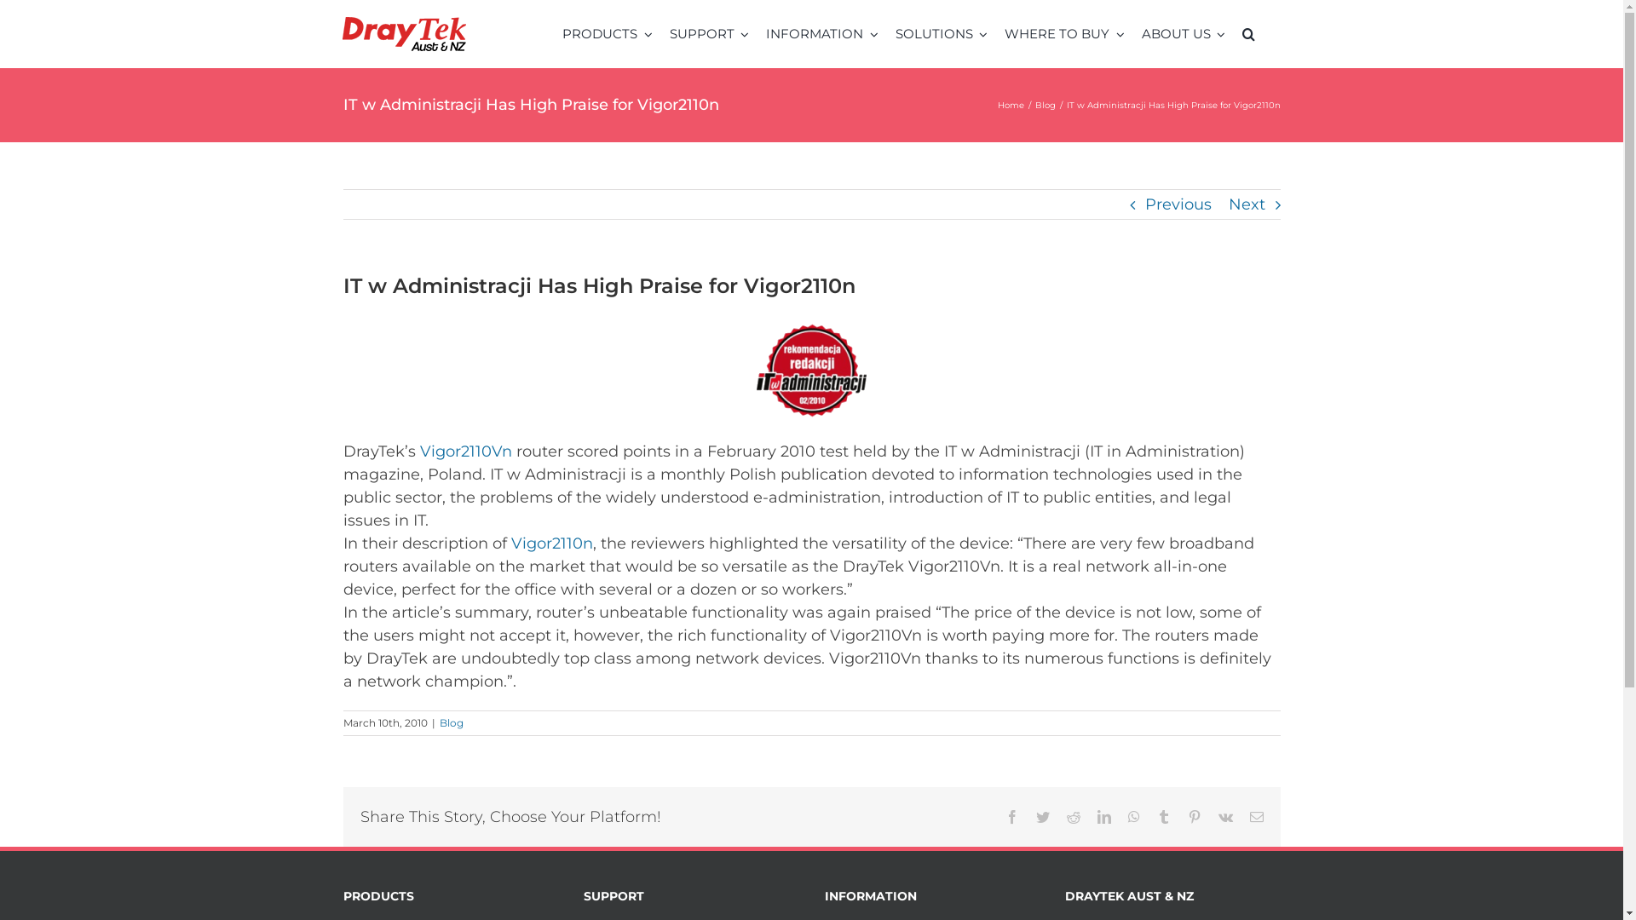  What do you see at coordinates (1183, 33) in the screenshot?
I see `'ABOUT US'` at bounding box center [1183, 33].